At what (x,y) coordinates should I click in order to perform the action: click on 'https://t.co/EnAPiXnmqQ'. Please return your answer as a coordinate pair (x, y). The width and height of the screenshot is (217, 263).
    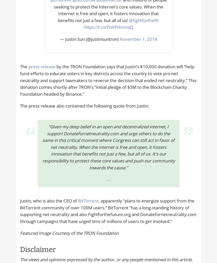
    Looking at the image, I should click on (108, 27).